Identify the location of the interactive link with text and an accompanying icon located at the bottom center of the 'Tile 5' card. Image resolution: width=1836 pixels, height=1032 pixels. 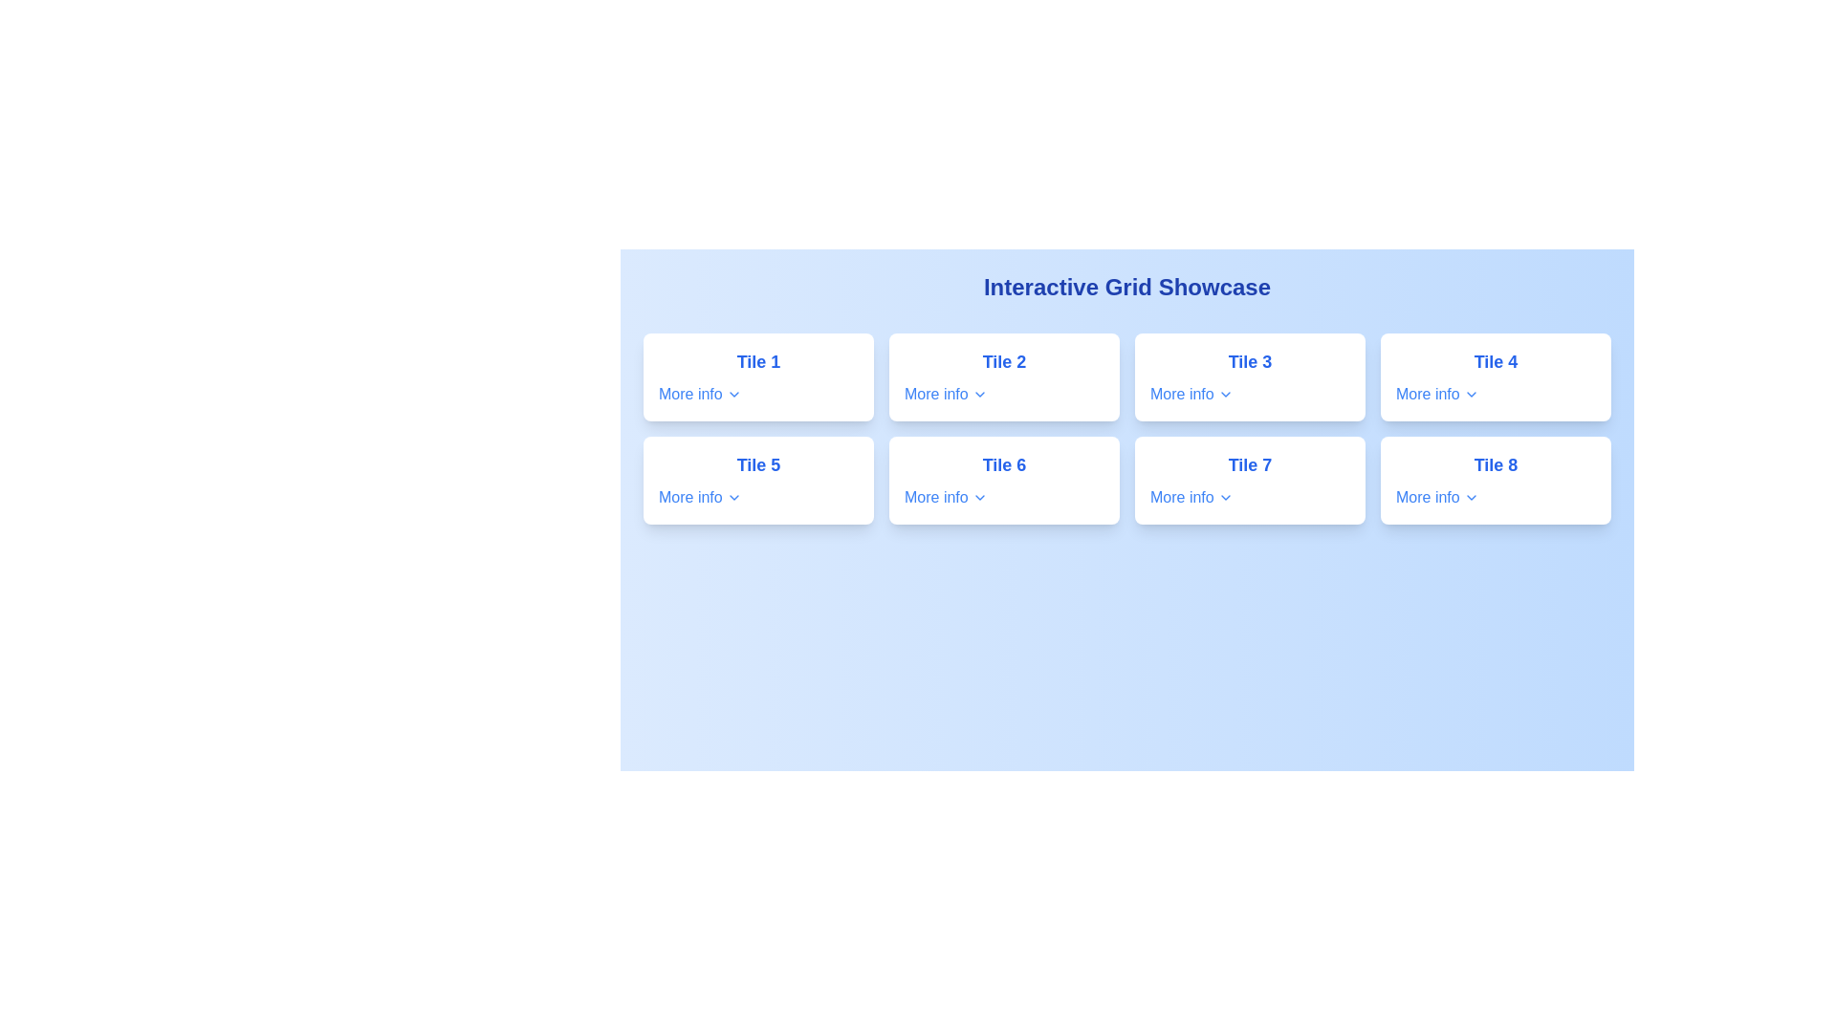
(698, 496).